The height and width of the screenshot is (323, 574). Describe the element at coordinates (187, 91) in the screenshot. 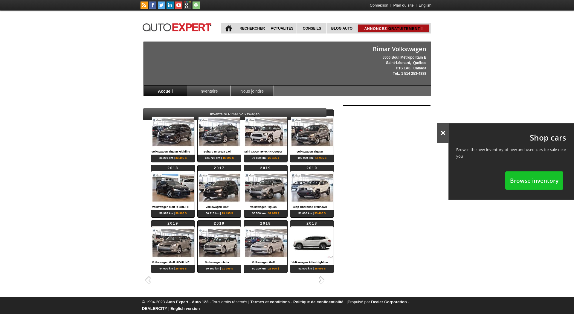

I see `'Inventaire'` at that location.